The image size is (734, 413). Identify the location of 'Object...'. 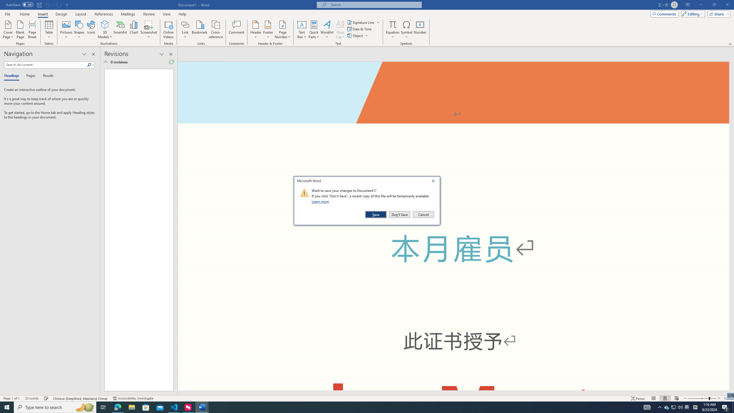
(358, 35).